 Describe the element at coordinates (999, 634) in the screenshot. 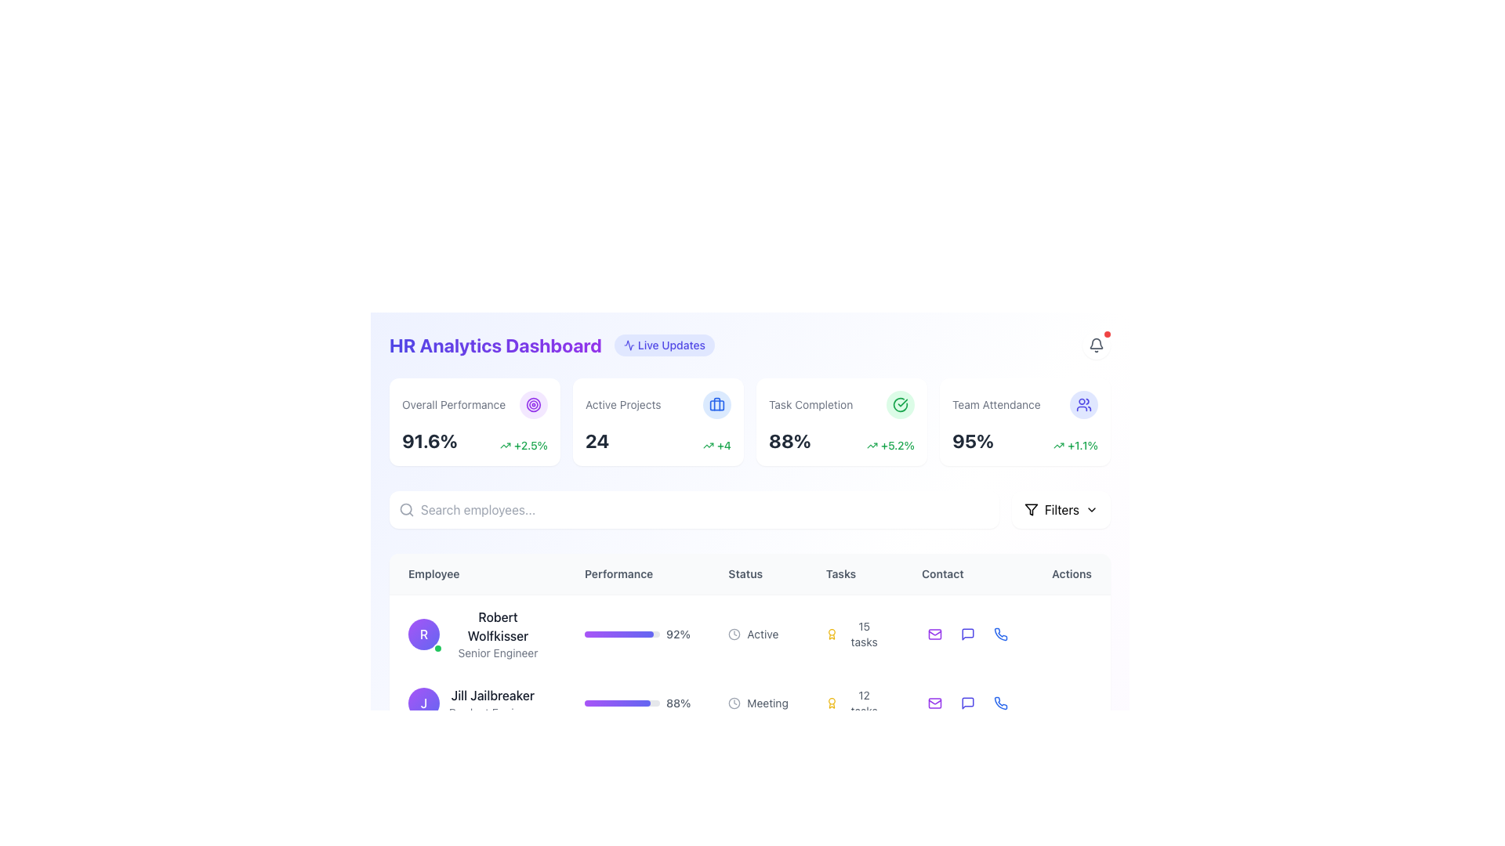

I see `the blue phone icon button, which is the third button in the horizontal series of action buttons in the 'Actions' column of the employee table` at that location.